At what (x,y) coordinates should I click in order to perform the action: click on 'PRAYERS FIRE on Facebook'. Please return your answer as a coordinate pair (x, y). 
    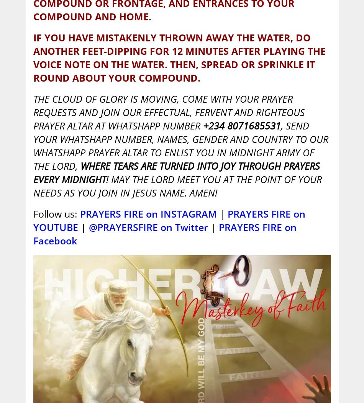
    Looking at the image, I should click on (164, 233).